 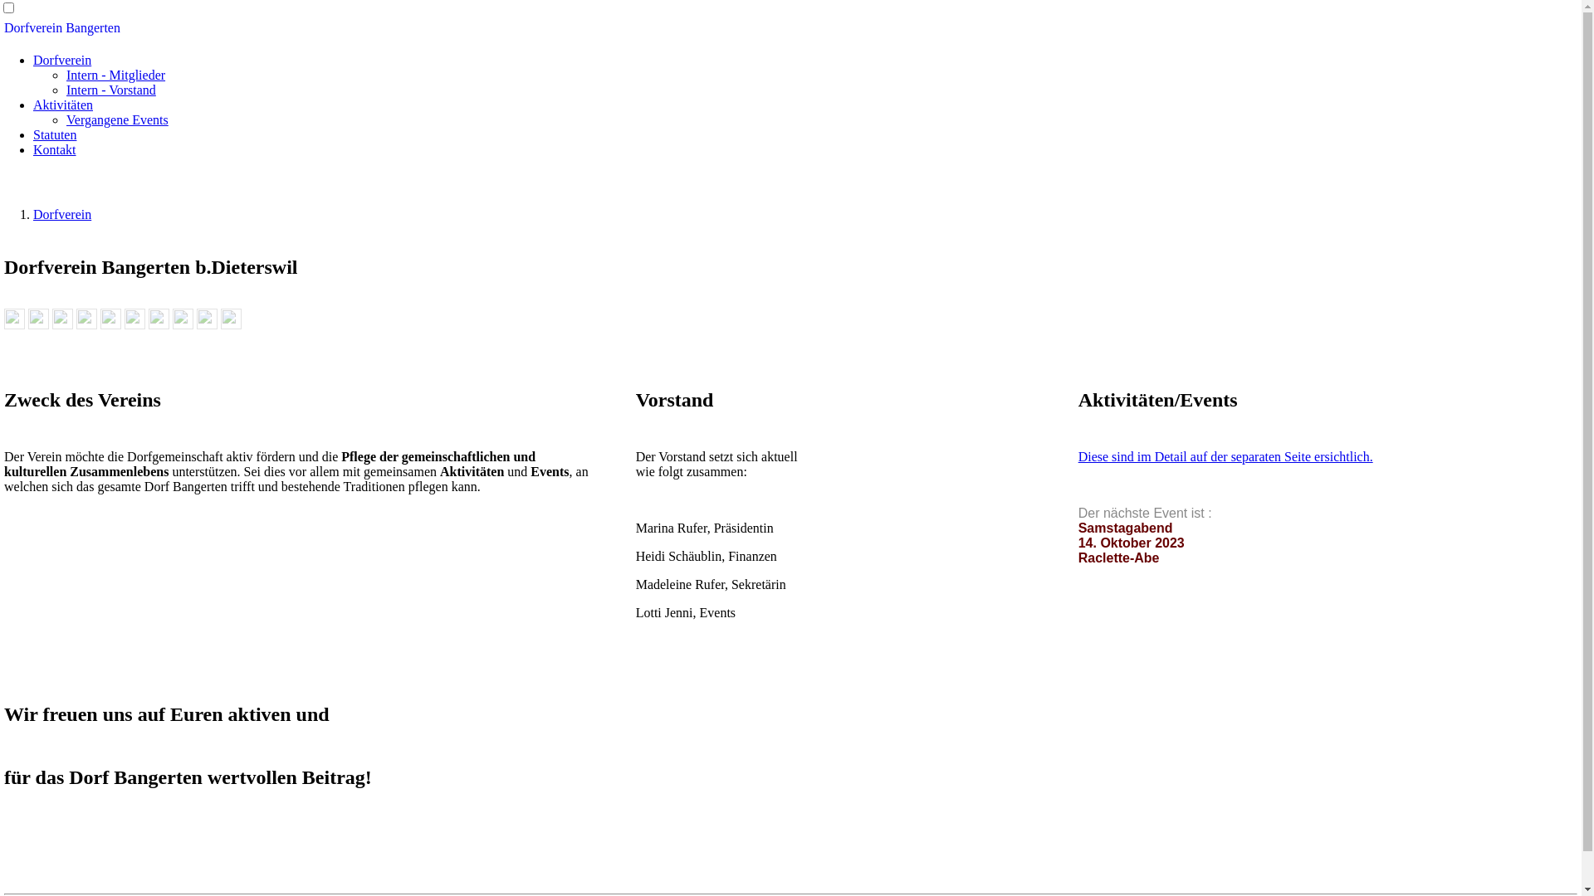 I want to click on 'Intern - Vorstand', so click(x=110, y=90).